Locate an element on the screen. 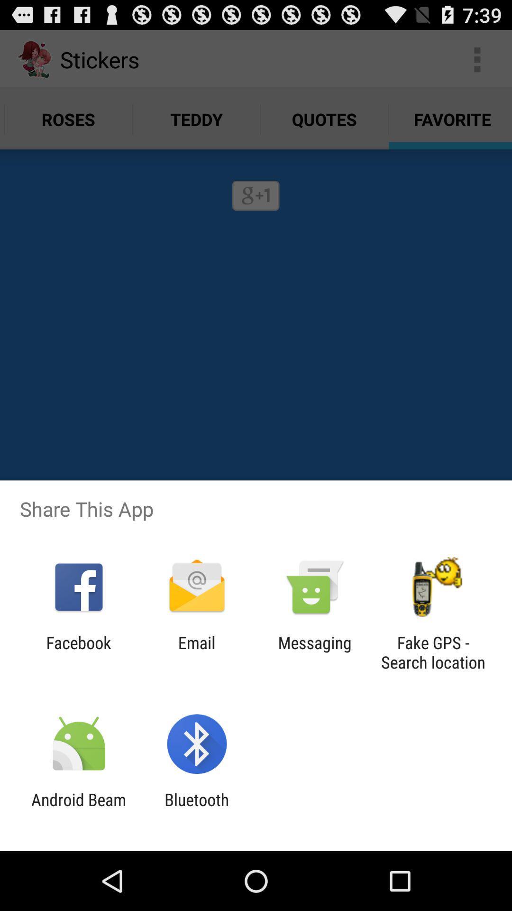 The width and height of the screenshot is (512, 911). app next to messaging app is located at coordinates (196, 652).